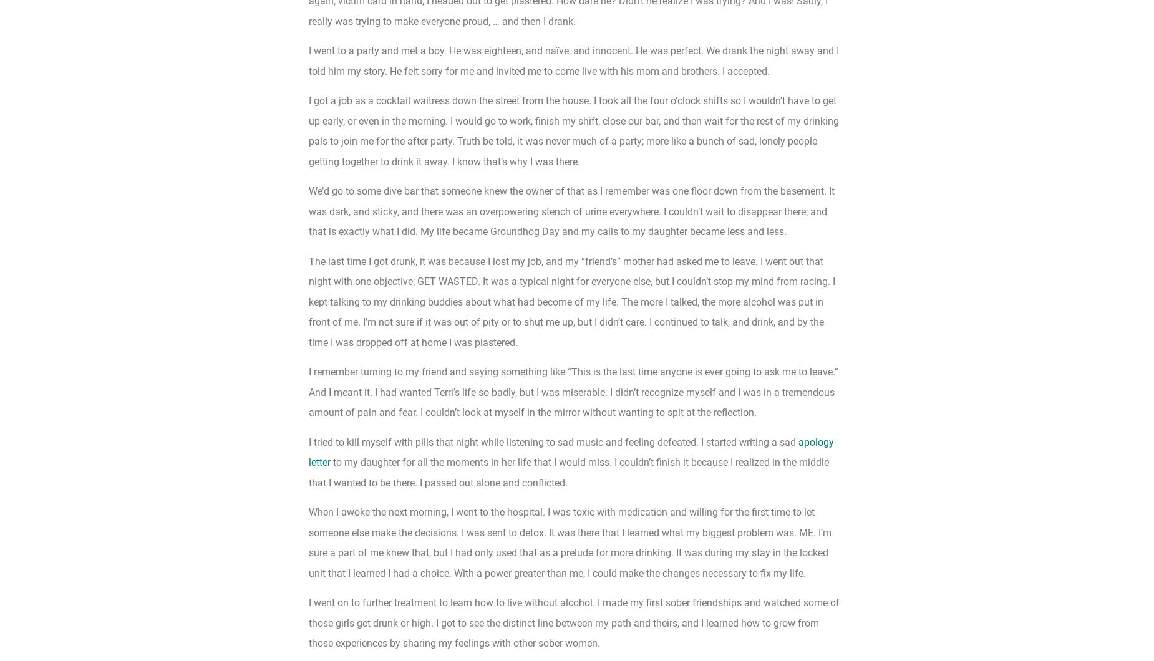 This screenshot has width=1154, height=661. What do you see at coordinates (309, 301) in the screenshot?
I see `'The last time I got drunk, it was because I lost my job, and my “friend’s” mother had asked me to leave. I went out that night with one objective; GET WASTED. It was a typical night for everyone else, but I couldn’t stop my mind from racing. I kept talking to my drinking buddies about what had become of my life. The more I talked, the more alcohol was put in front of me. I’m not sure if it was out of pity or to shut me up, but I didn’t care. I continued to talk, and drink, and by the time I was dropped off at home I was plastered.'` at bounding box center [309, 301].